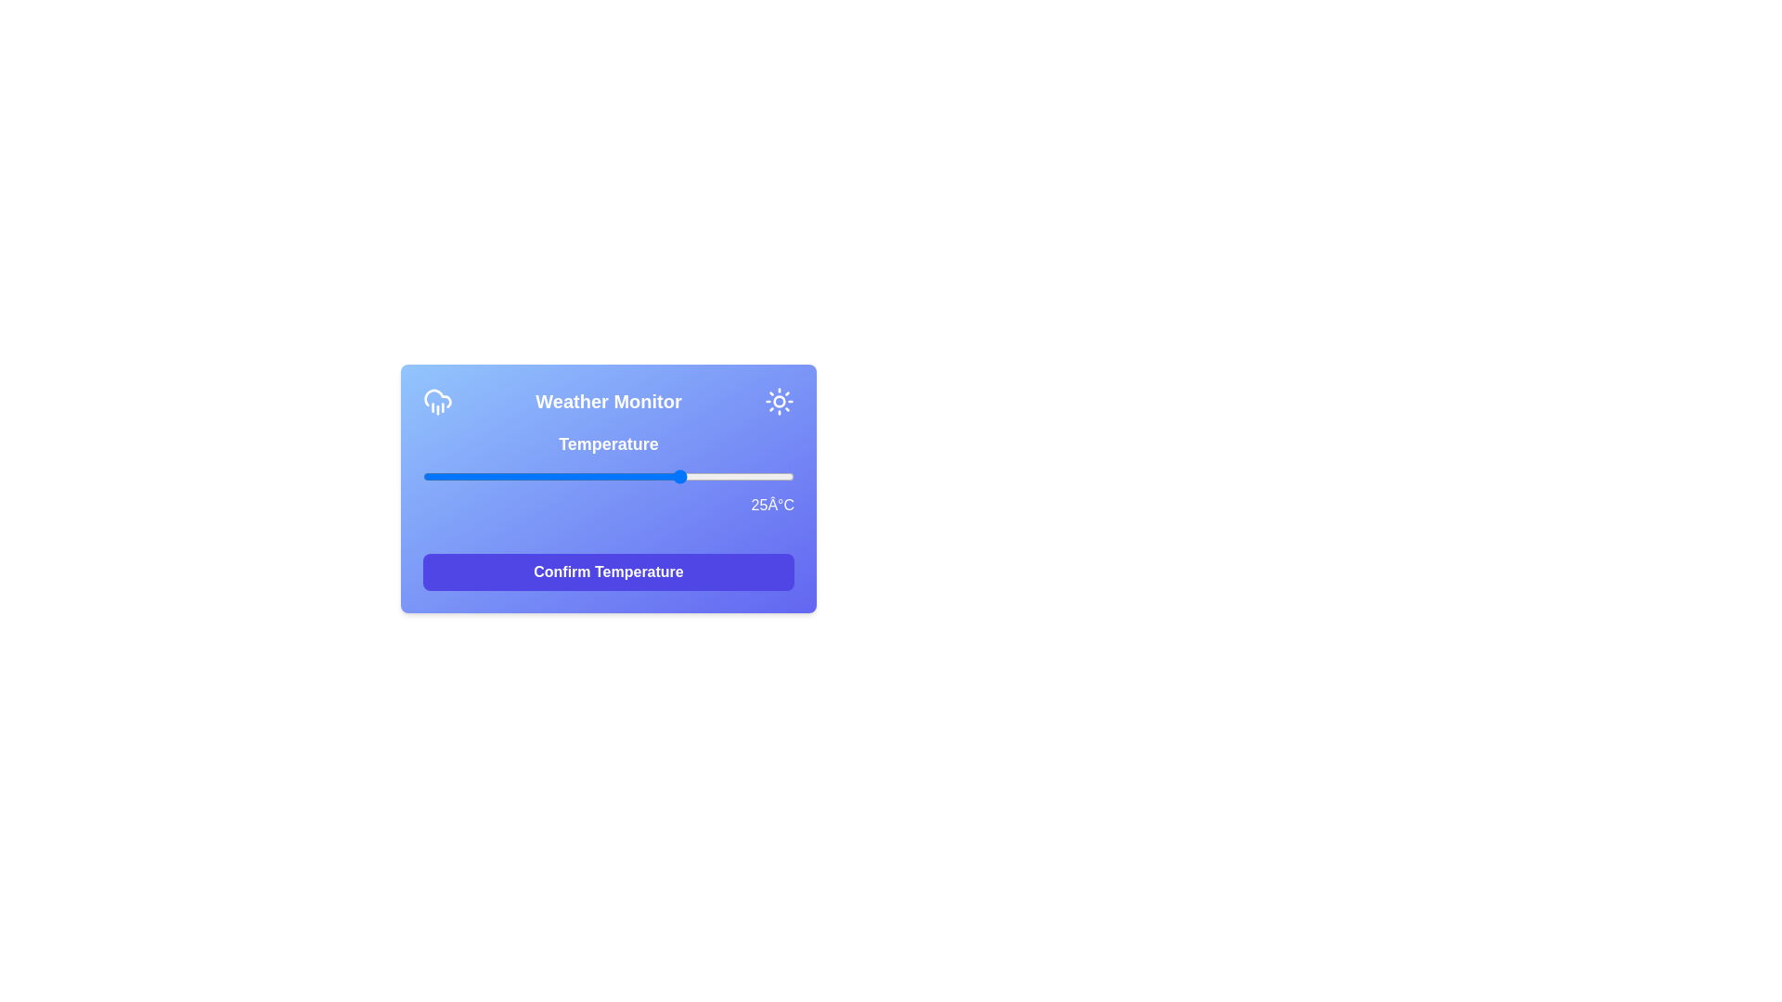 The image size is (1782, 1002). Describe the element at coordinates (609, 572) in the screenshot. I see `the 'Confirm Temperature' button, which is an indigo-blue rectangular button with rounded corners and bold white text` at that location.